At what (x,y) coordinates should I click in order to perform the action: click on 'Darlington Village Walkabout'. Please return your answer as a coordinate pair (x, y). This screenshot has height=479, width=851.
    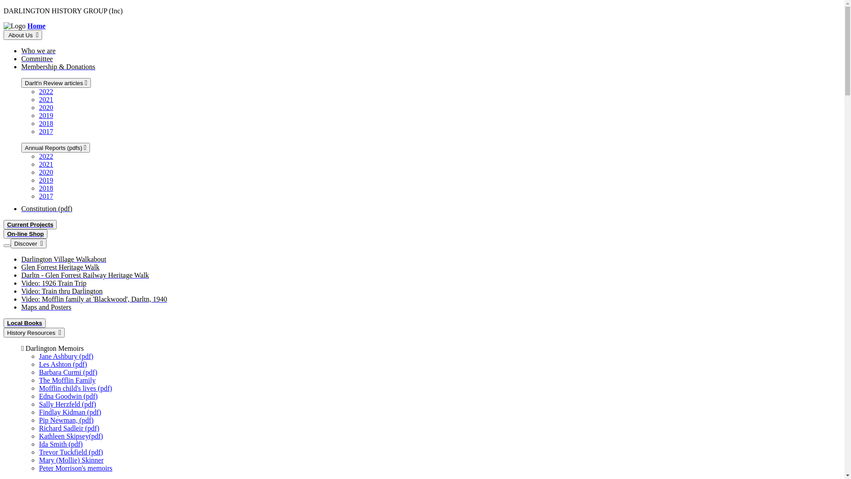
    Looking at the image, I should click on (63, 259).